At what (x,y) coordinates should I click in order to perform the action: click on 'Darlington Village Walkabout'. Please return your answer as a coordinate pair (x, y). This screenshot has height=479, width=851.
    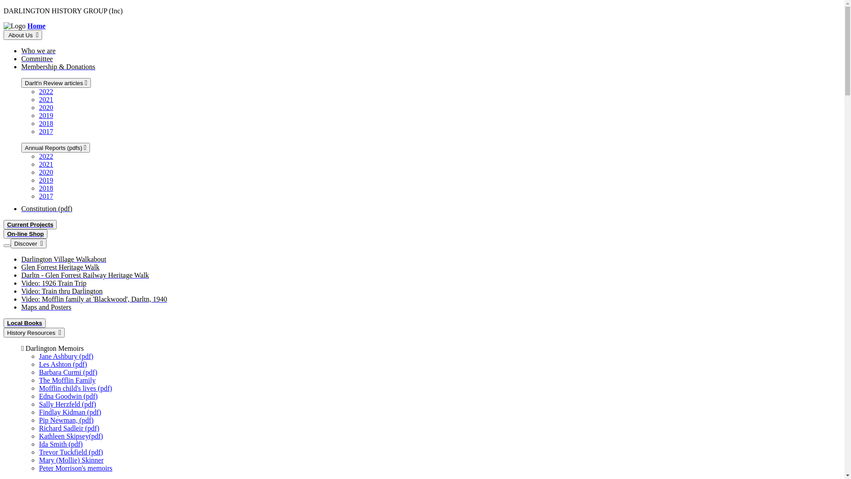
    Looking at the image, I should click on (63, 259).